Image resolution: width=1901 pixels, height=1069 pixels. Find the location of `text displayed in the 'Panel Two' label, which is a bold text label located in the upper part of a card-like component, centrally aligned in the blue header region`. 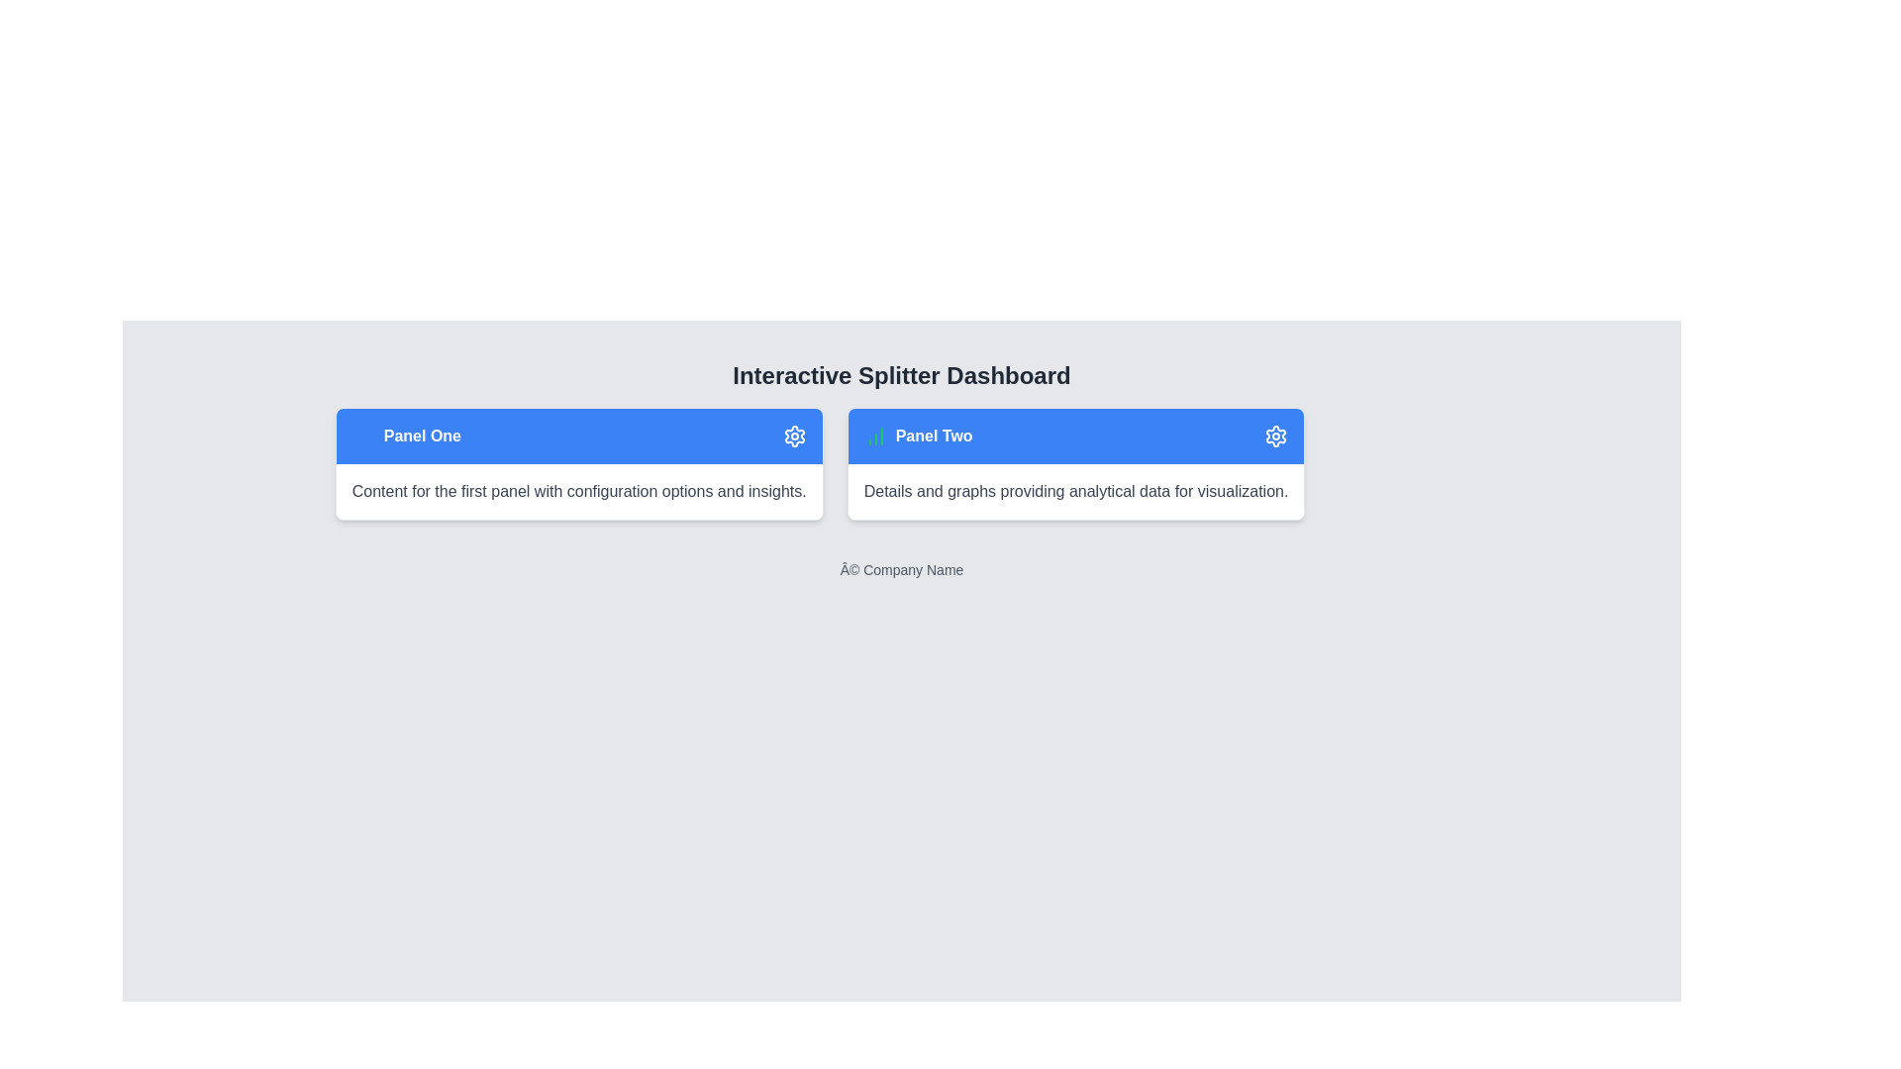

text displayed in the 'Panel Two' label, which is a bold text label located in the upper part of a card-like component, centrally aligned in the blue header region is located at coordinates (933, 435).